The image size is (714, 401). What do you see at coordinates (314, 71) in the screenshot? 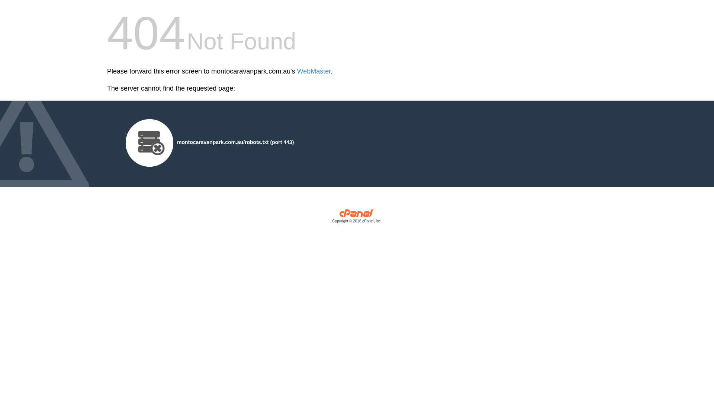
I see `'WebMaster'` at bounding box center [314, 71].